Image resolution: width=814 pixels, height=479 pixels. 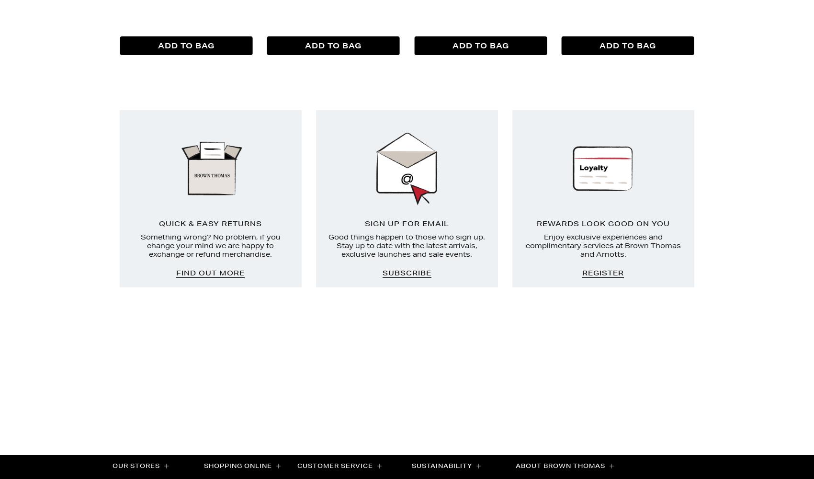 I want to click on 'SUBSCRIBE', so click(x=381, y=273).